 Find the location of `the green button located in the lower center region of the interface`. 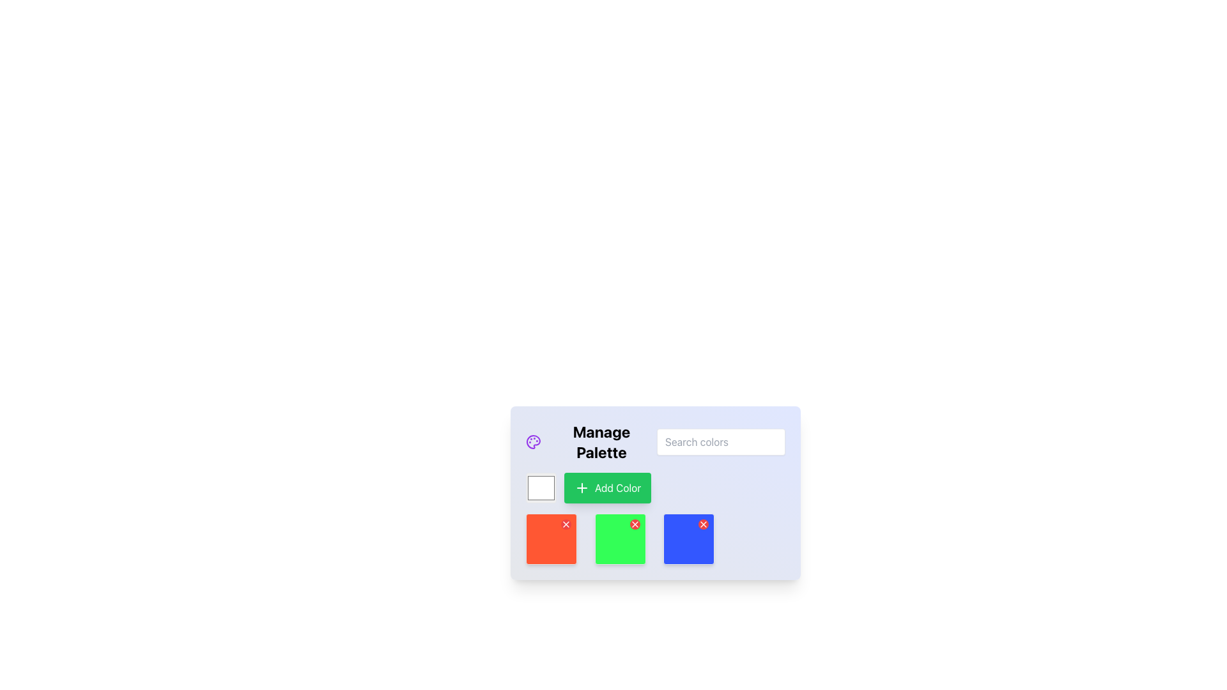

the green button located in the lower center region of the interface is located at coordinates (582, 487).